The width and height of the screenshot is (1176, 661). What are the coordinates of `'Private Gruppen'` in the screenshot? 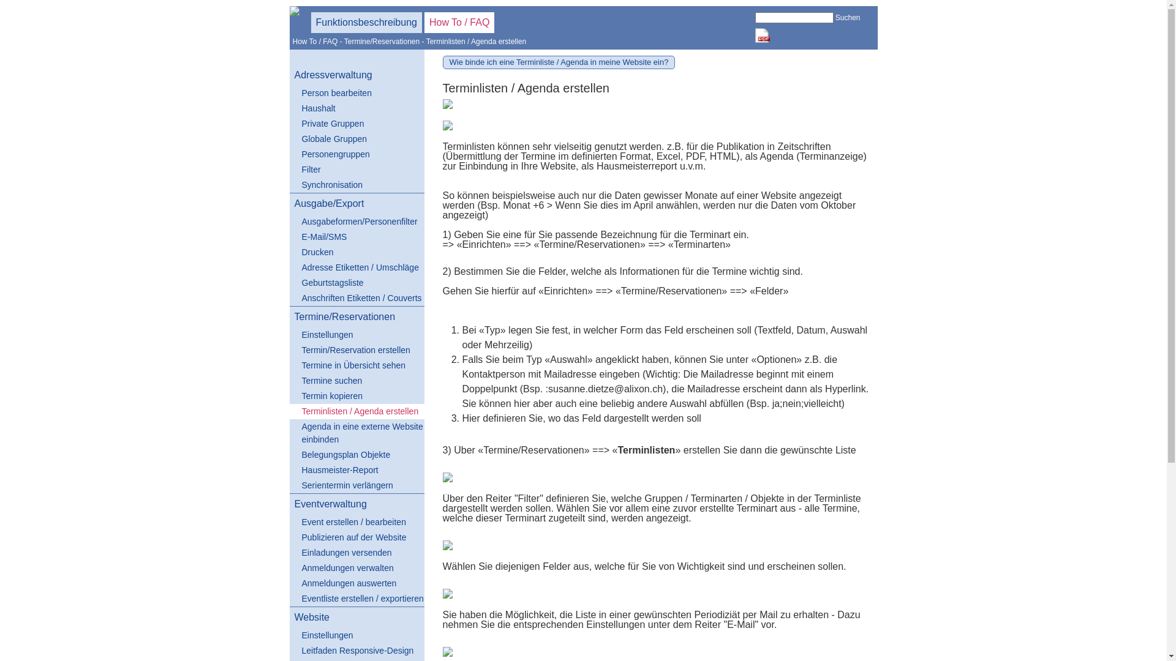 It's located at (355, 124).